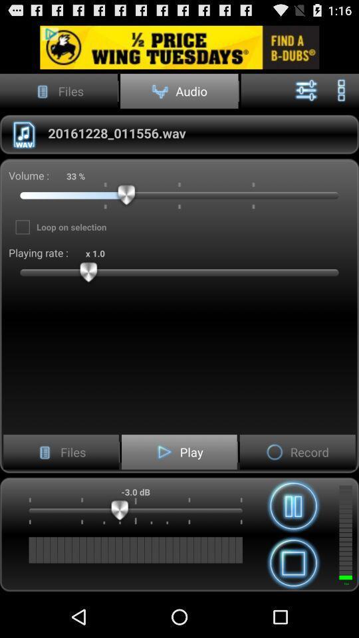  What do you see at coordinates (179, 47) in the screenshot?
I see `this advertised product` at bounding box center [179, 47].